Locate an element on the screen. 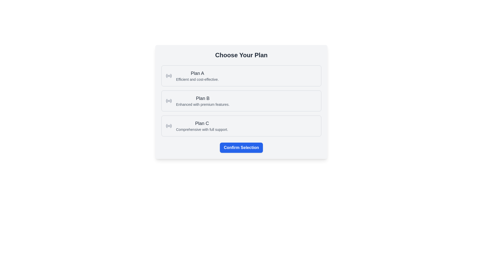 Image resolution: width=492 pixels, height=276 pixels. text block titled 'Plan A' which is centrally positioned at the top of the plans list, containing the description 'Efficient and cost-effective.' is located at coordinates (197, 76).